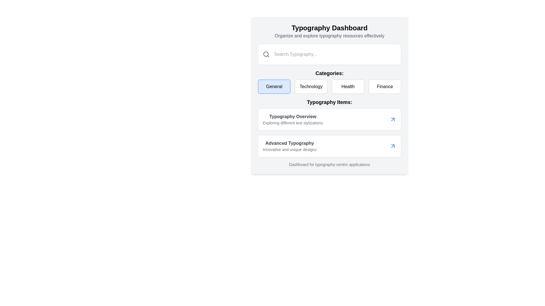 Image resolution: width=545 pixels, height=306 pixels. What do you see at coordinates (330, 28) in the screenshot?
I see `the bold, large-sized black text element spelling 'Typography Dashboard' which is positioned at the top of the visible content area` at bounding box center [330, 28].